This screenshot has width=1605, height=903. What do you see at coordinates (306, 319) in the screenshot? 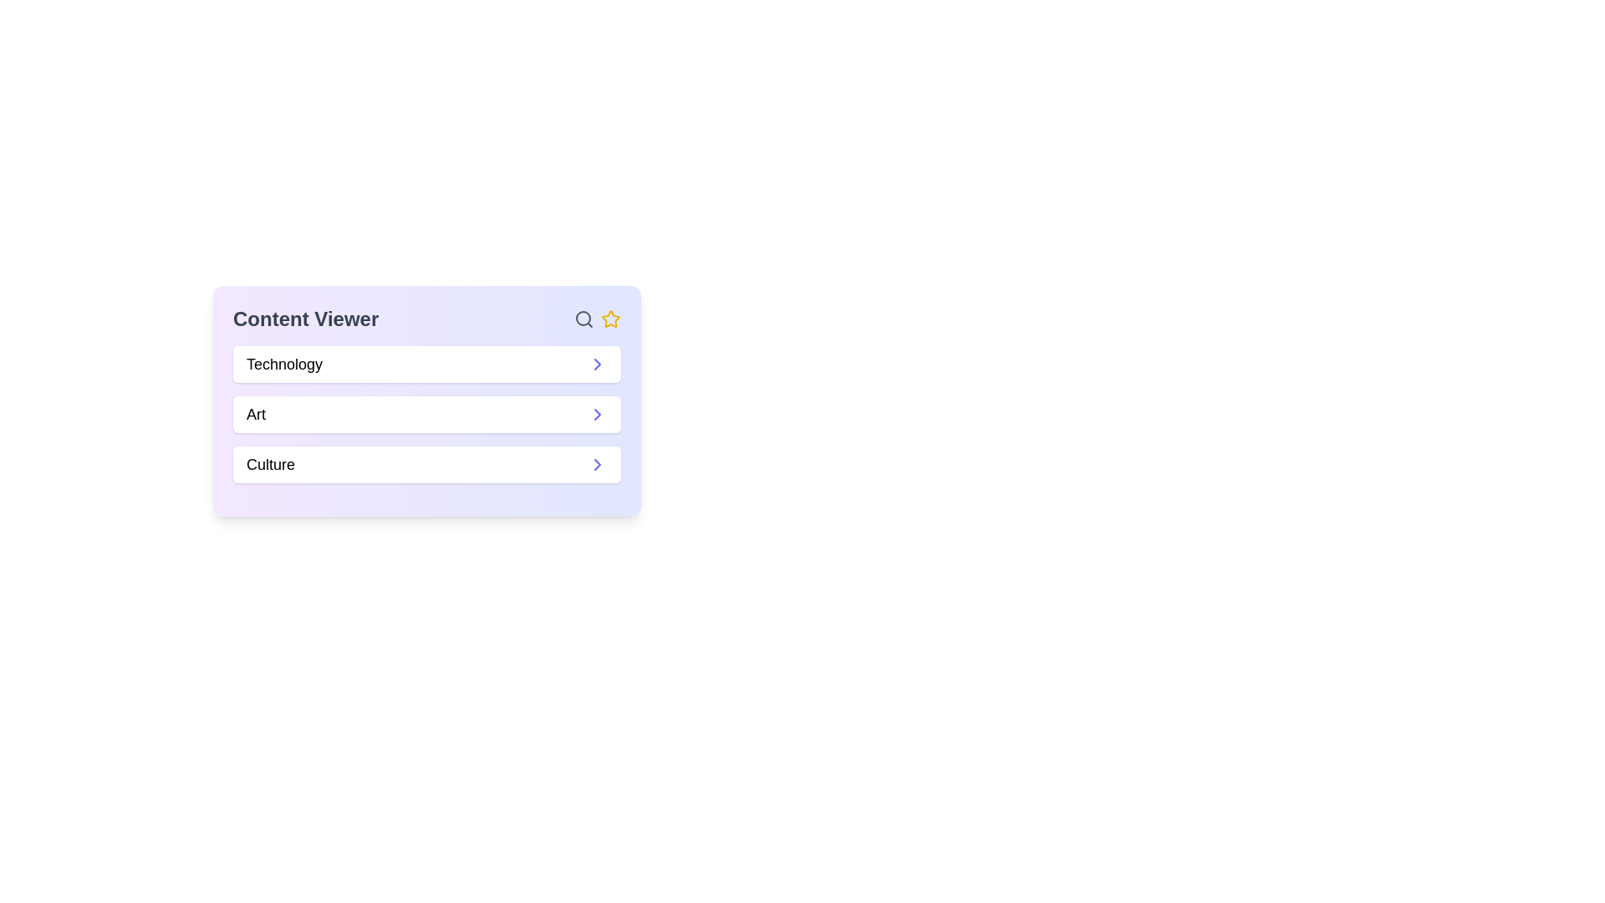
I see `the 'Content Viewer' label, which is styled in bold, extra-large dark gray font and positioned at the upper left of the module` at bounding box center [306, 319].